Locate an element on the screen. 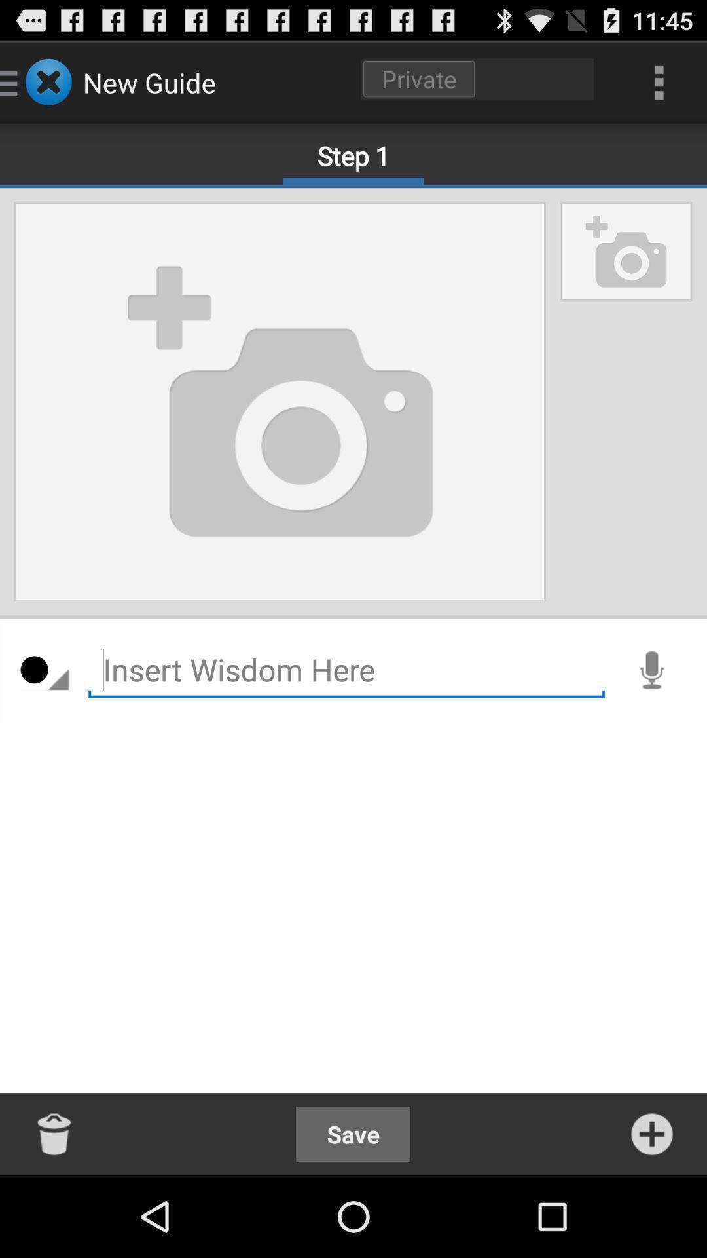 Image resolution: width=707 pixels, height=1258 pixels. item on the right is located at coordinates (651, 670).